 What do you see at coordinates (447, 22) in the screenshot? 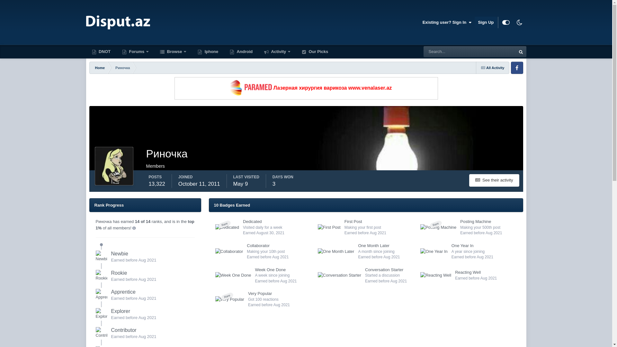
I see `'Existing user? Sign In  '` at bounding box center [447, 22].